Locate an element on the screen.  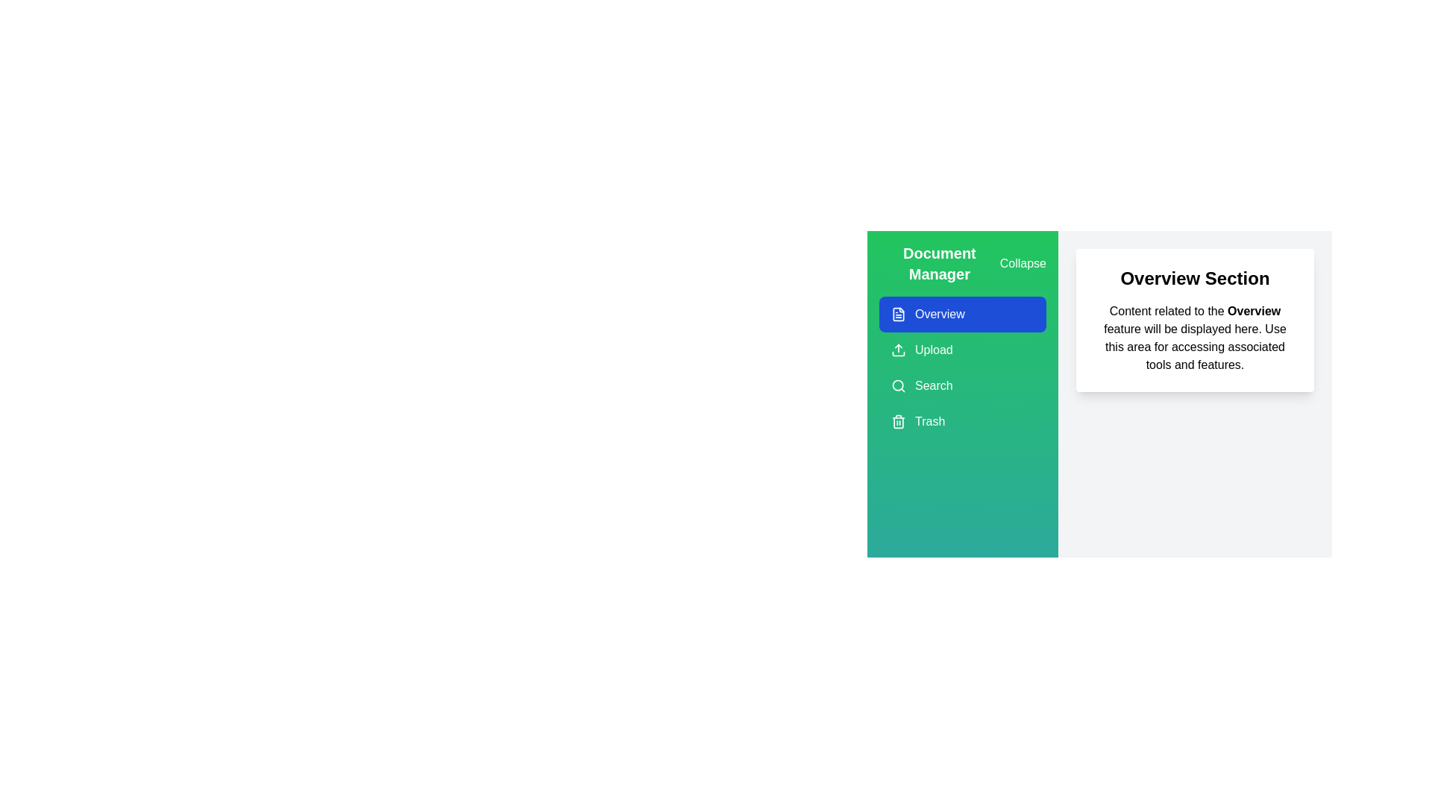
the menu option Trash in the Document Management Drawer is located at coordinates (963, 422).